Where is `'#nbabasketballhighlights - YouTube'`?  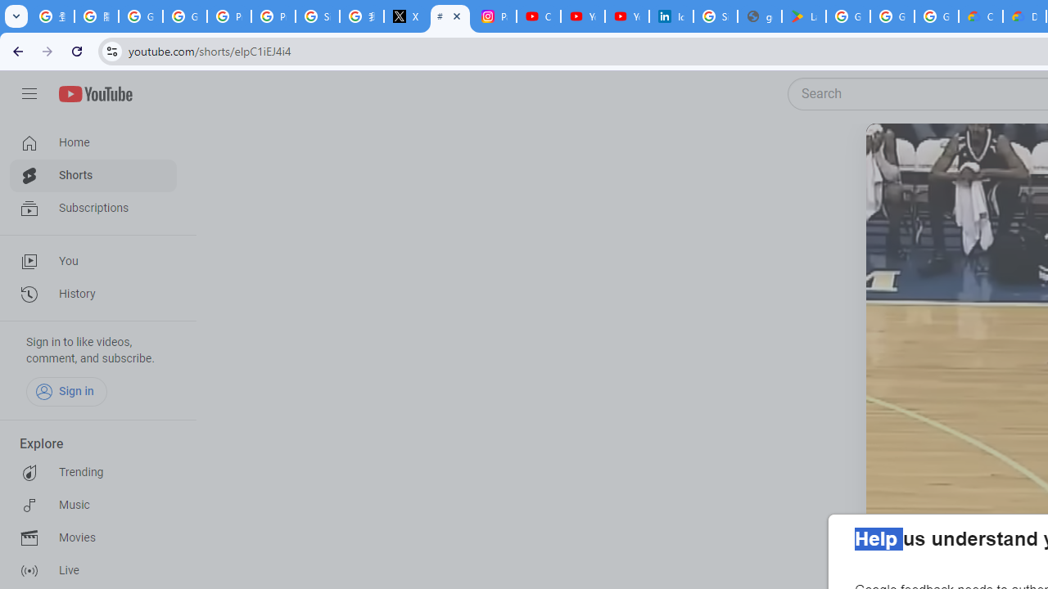
'#nbabasketballhighlights - YouTube' is located at coordinates (450, 16).